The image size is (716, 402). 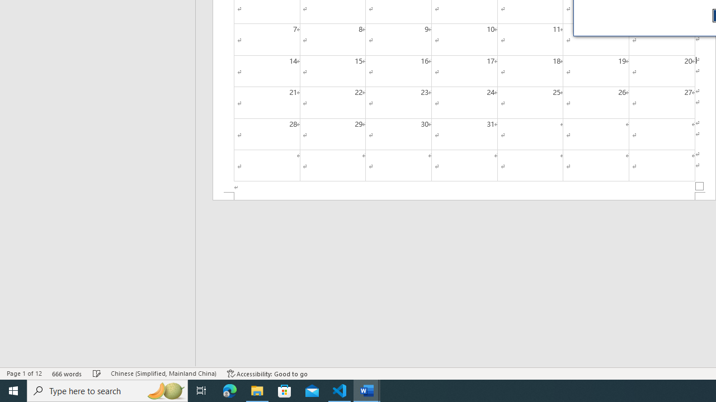 I want to click on 'Spelling and Grammar Check Checking', so click(x=97, y=374).